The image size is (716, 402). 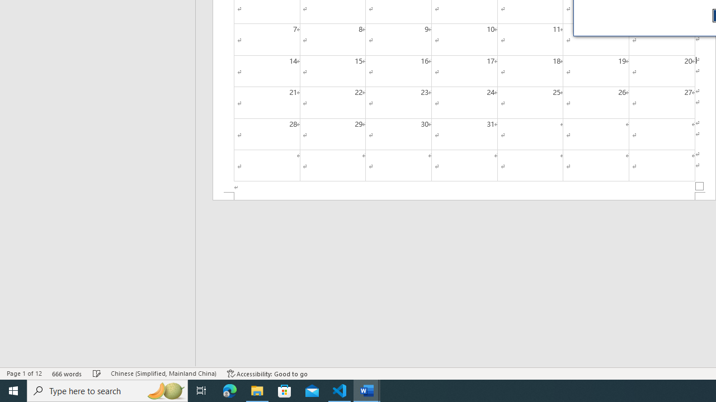 I want to click on 'Spelling and Grammar Check Checking', so click(x=97, y=374).